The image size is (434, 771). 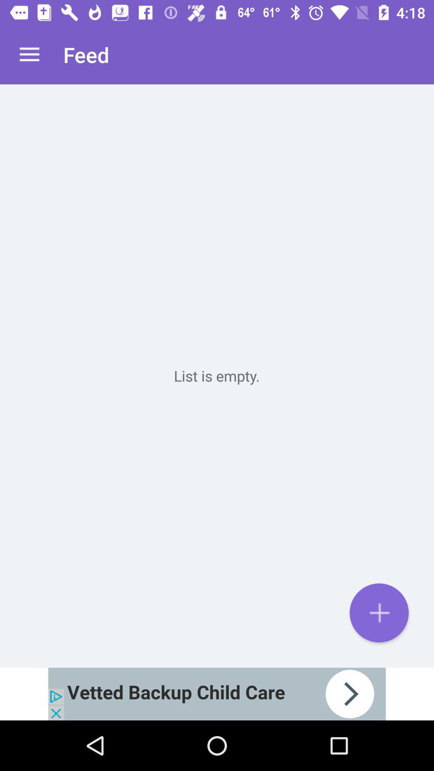 What do you see at coordinates (379, 612) in the screenshot?
I see `to list` at bounding box center [379, 612].